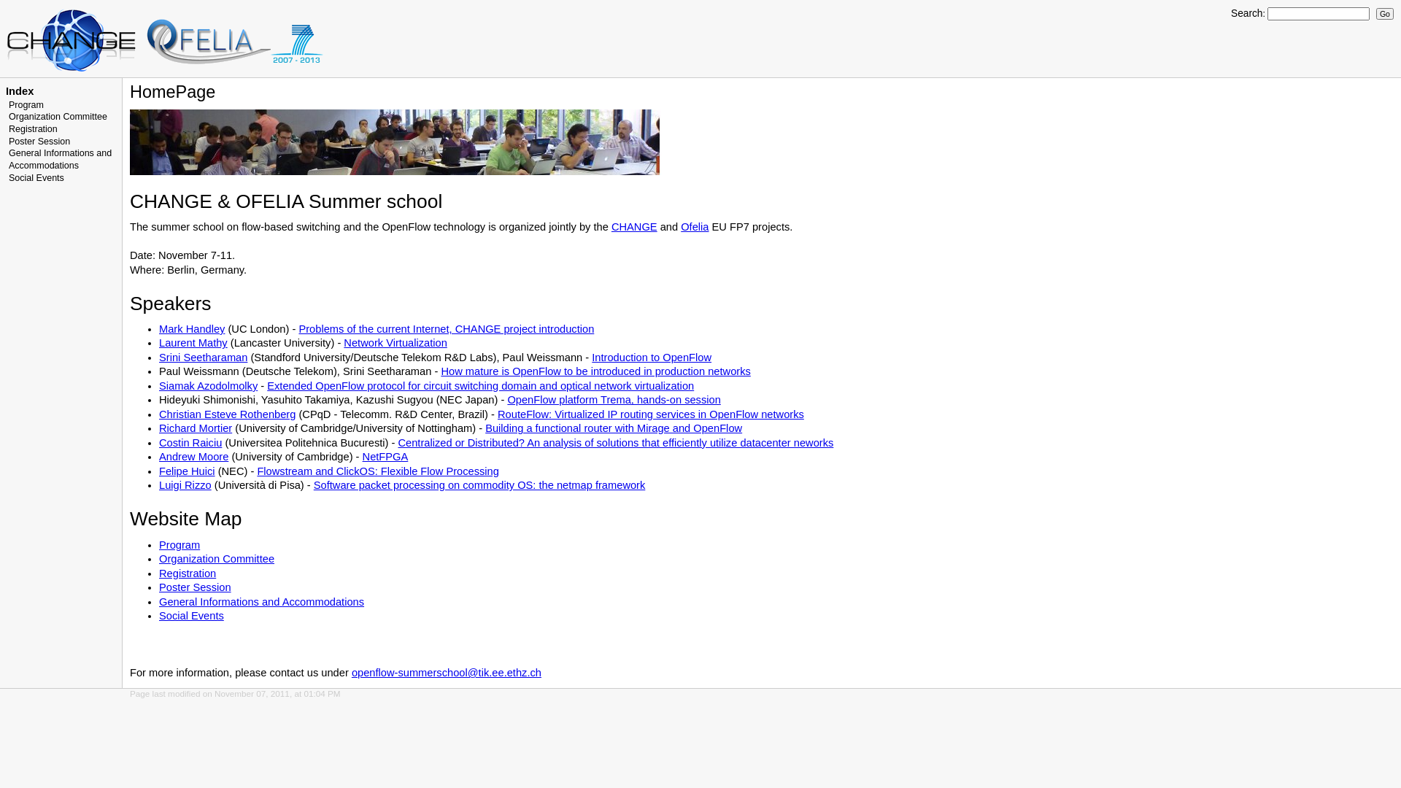 The height and width of the screenshot is (788, 1401). I want to click on 'Richard Mortier', so click(195, 427).